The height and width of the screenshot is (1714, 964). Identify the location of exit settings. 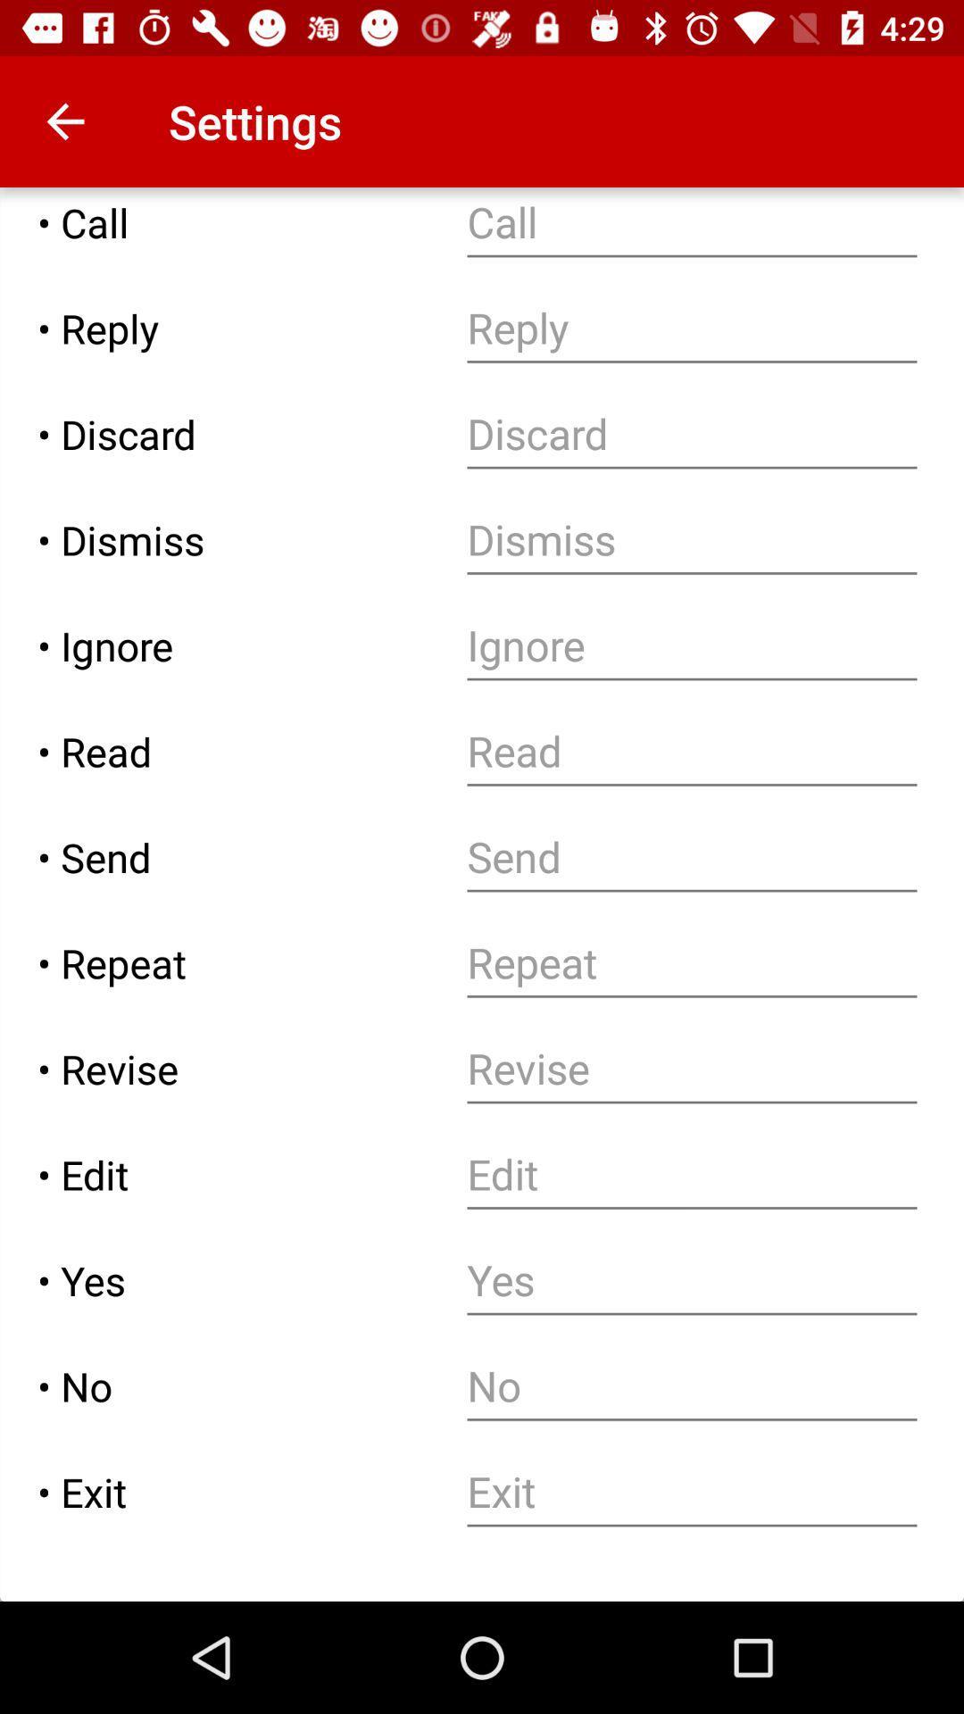
(691, 1492).